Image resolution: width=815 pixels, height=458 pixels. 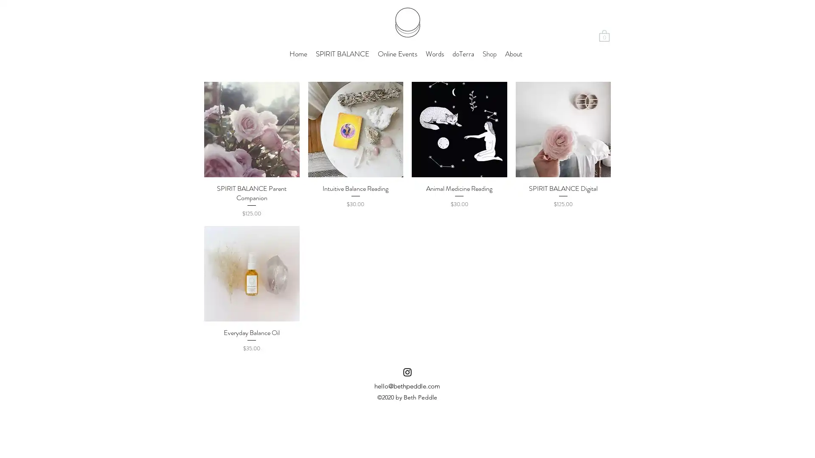 I want to click on Quick View, so click(x=355, y=187).